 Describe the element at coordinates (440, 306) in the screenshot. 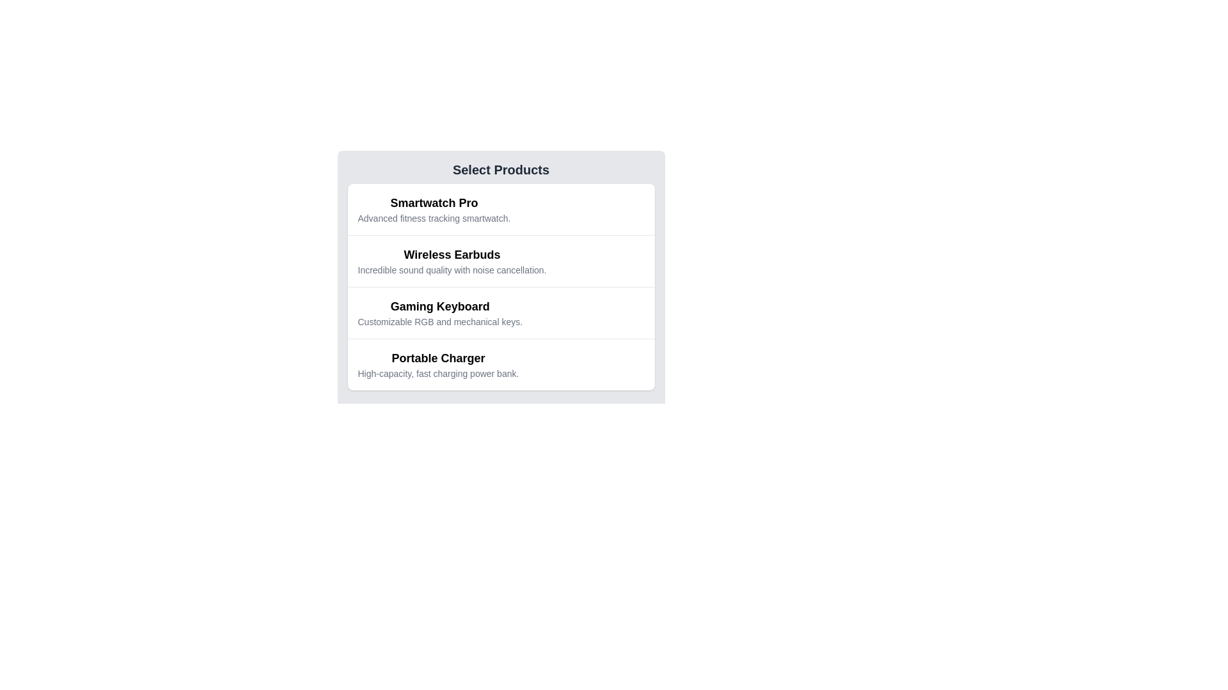

I see `the 'Gaming Keyboard' text label, which serves as a product title in the interface, located in the third section below 'Wireless Earbuds'` at that location.